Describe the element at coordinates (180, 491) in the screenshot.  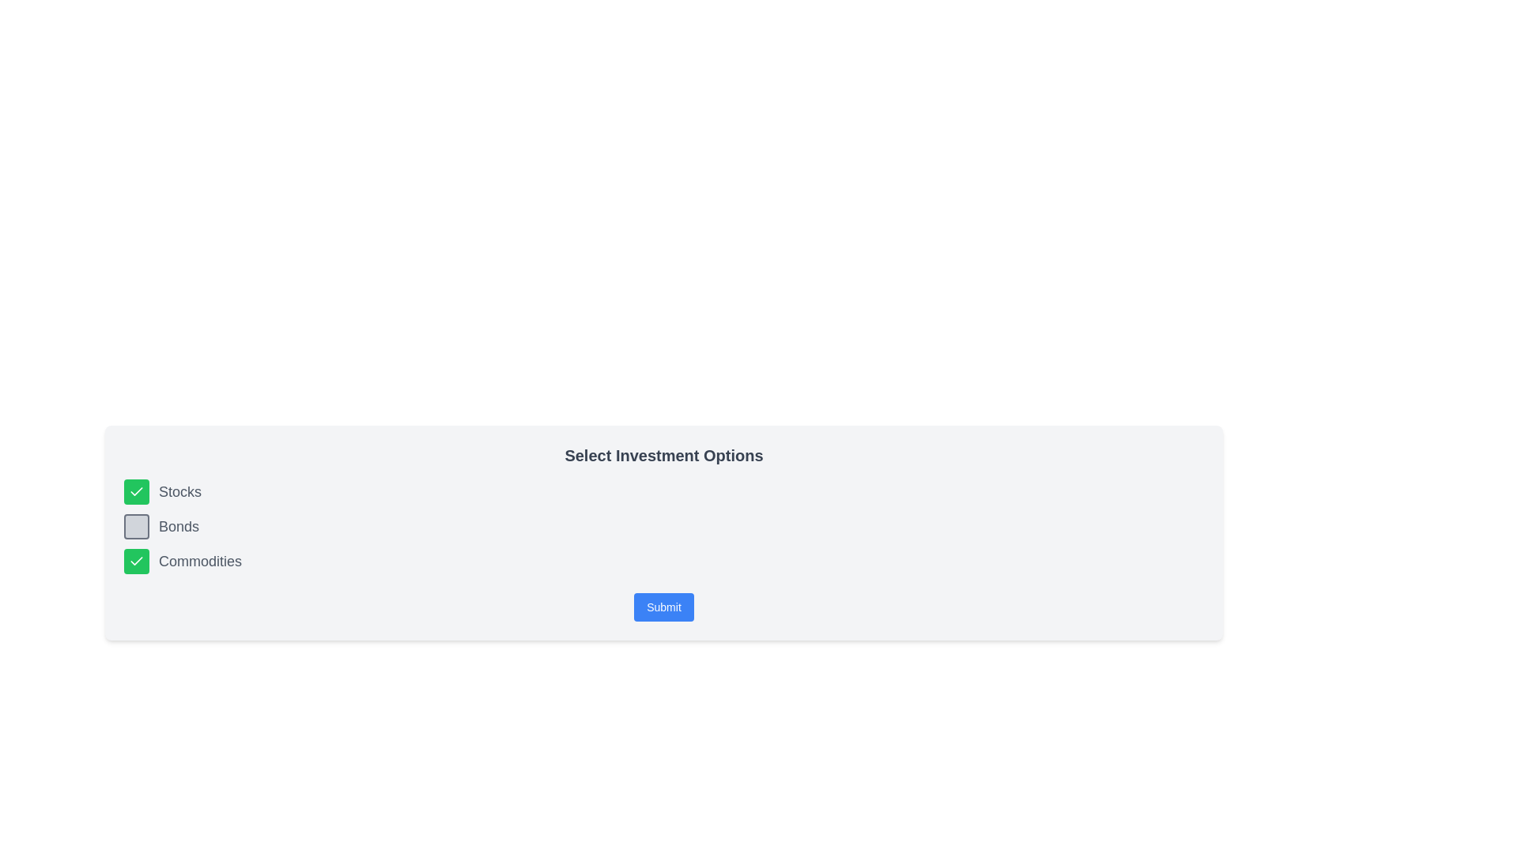
I see `text label indicating 'Stocks' as an investment choice, which is the first option in a vertical list of investment options, located next to a checkbox` at that location.